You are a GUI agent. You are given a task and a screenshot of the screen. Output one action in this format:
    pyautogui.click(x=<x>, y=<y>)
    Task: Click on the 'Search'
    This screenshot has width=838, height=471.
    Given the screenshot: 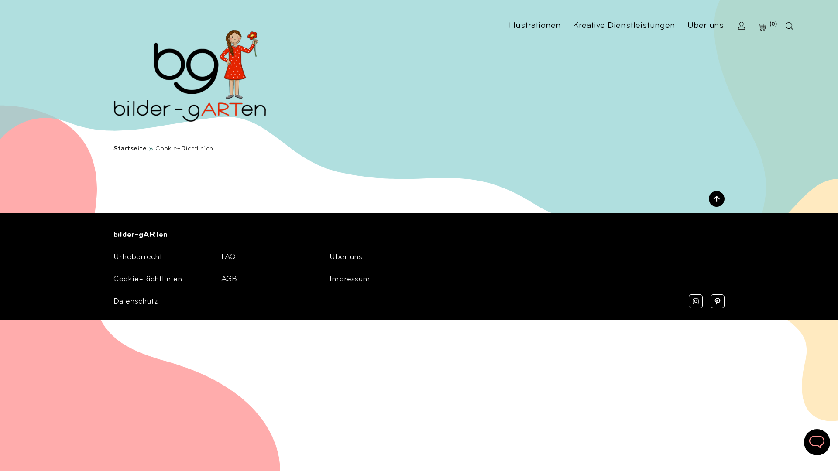 What is the action you would take?
    pyautogui.click(x=790, y=26)
    